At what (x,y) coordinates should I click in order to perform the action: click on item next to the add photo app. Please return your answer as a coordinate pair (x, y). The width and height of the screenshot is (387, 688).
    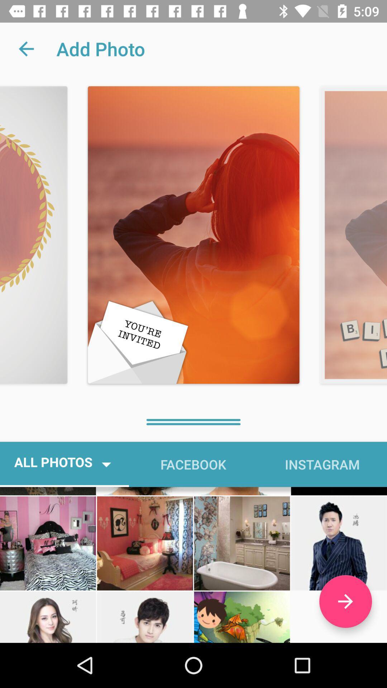
    Looking at the image, I should click on (26, 48).